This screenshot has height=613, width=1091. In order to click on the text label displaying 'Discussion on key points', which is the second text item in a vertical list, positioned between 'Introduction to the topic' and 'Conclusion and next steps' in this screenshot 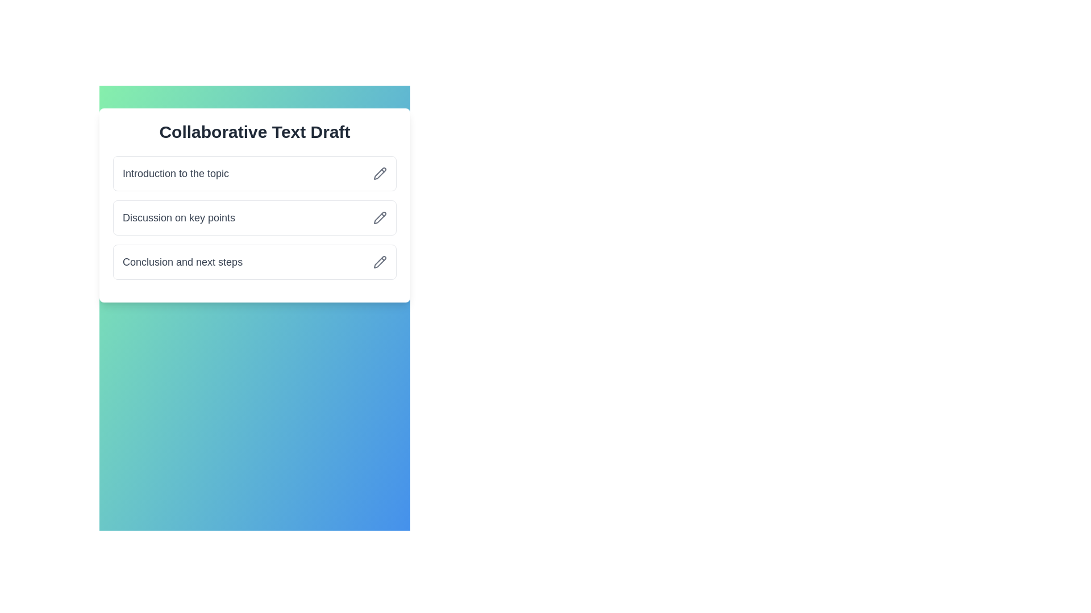, I will do `click(178, 218)`.